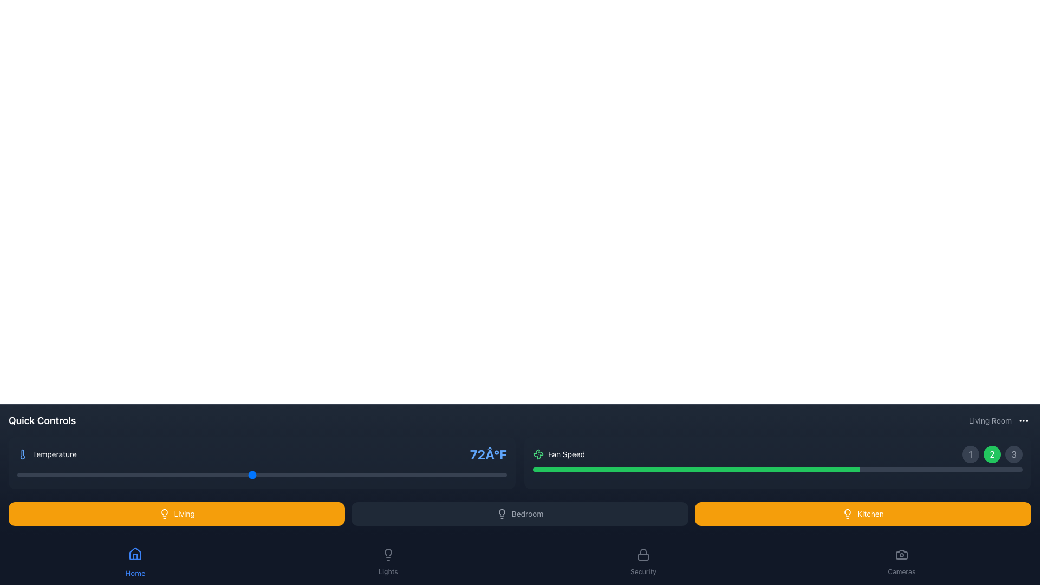 This screenshot has height=585, width=1040. What do you see at coordinates (177, 513) in the screenshot?
I see `the 'Living' area settings controller button, which is the first button in a horizontal row at the bottom of the interface` at bounding box center [177, 513].